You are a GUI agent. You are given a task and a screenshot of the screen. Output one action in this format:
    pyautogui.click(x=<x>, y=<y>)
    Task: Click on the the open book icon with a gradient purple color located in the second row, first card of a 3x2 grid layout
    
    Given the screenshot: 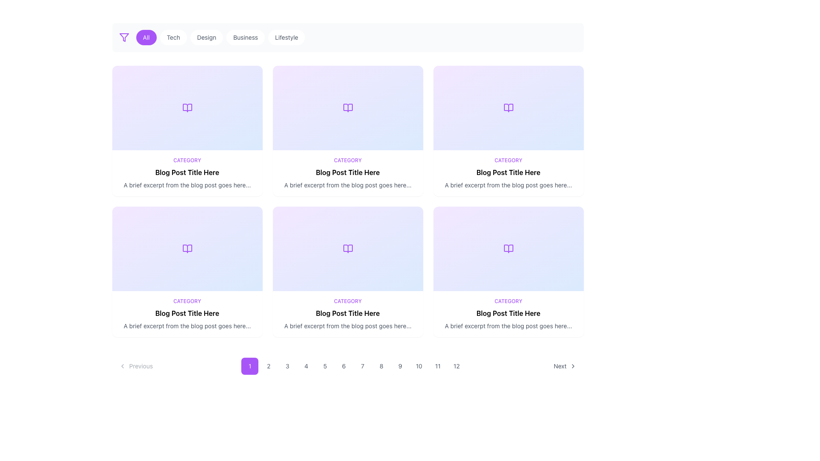 What is the action you would take?
    pyautogui.click(x=187, y=248)
    